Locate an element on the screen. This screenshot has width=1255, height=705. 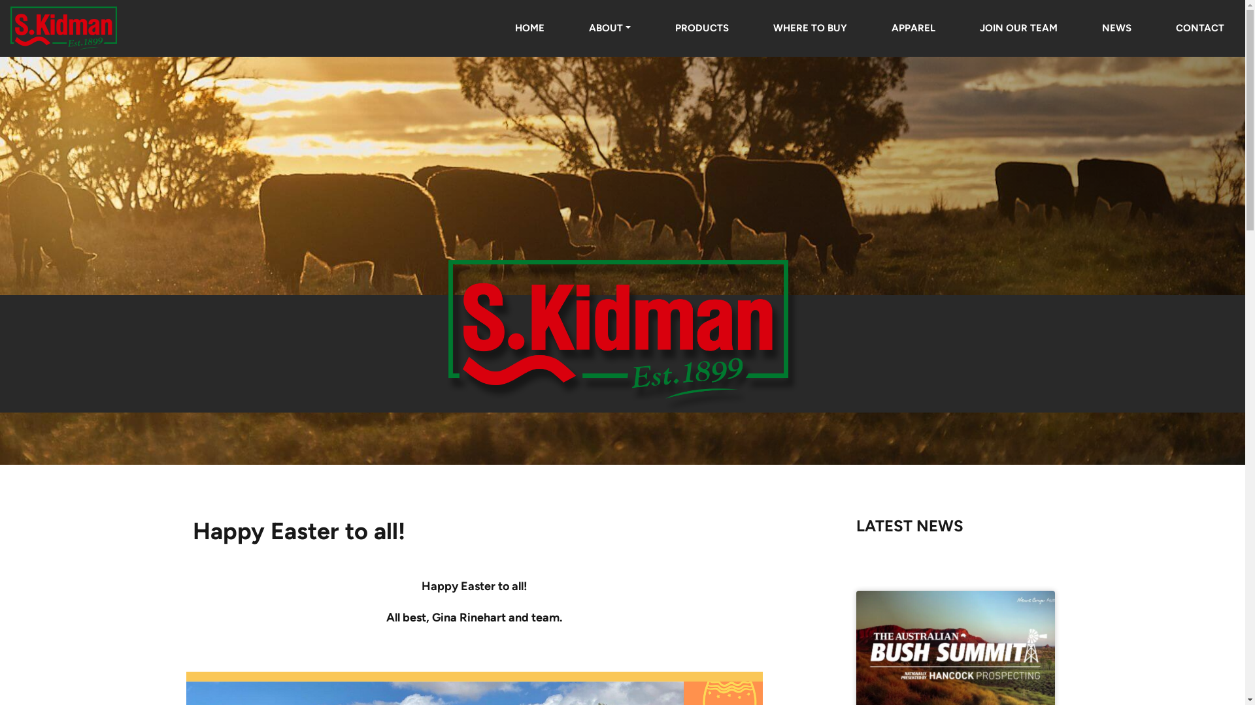
'CONTACT' is located at coordinates (1154, 27).